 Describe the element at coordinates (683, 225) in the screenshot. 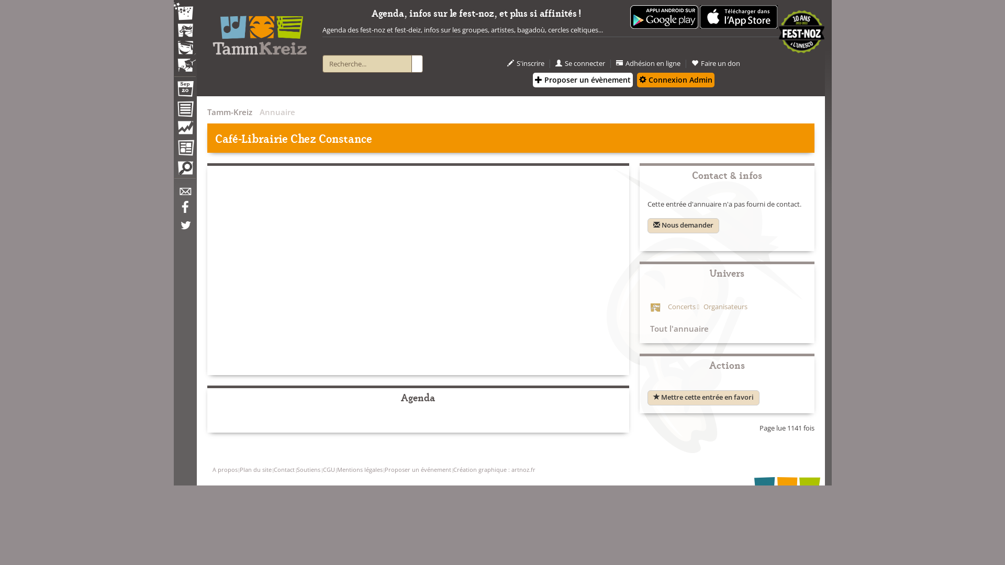

I see `'Nous demander'` at that location.